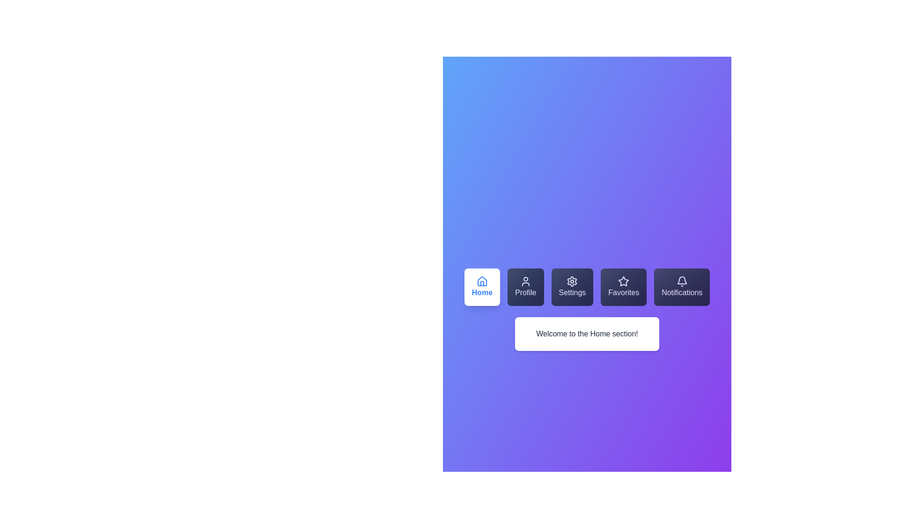  What do you see at coordinates (482, 292) in the screenshot?
I see `the 'Home' button component that contains the 'Home' text label` at bounding box center [482, 292].